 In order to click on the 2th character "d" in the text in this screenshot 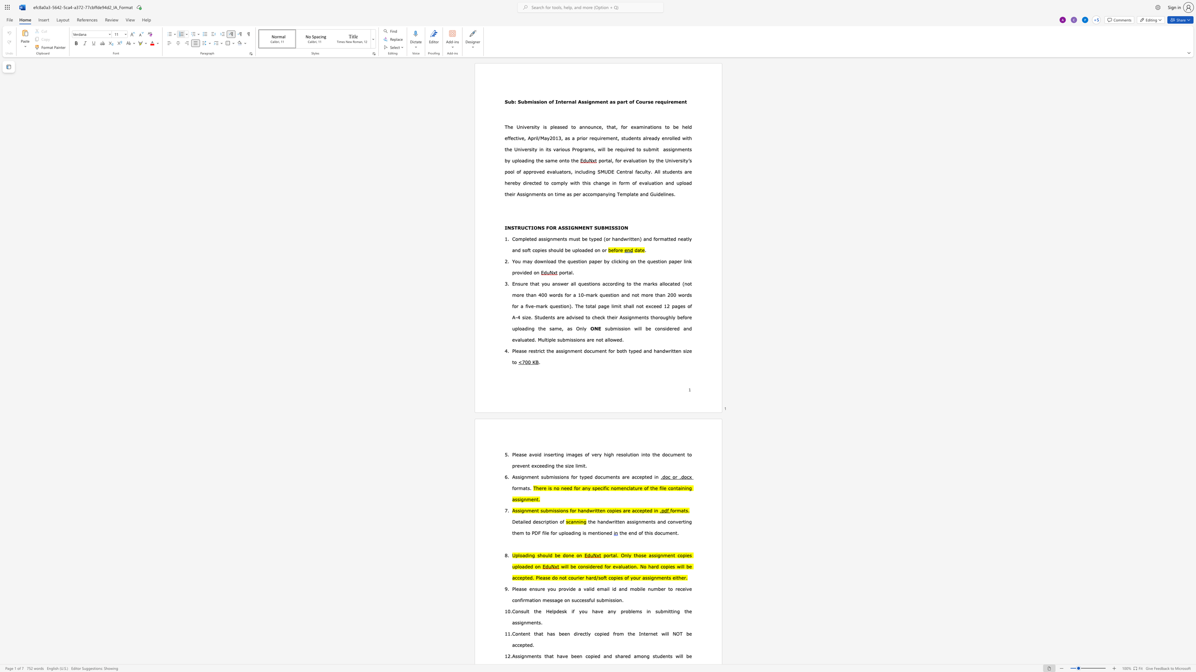, I will do `click(551, 555)`.